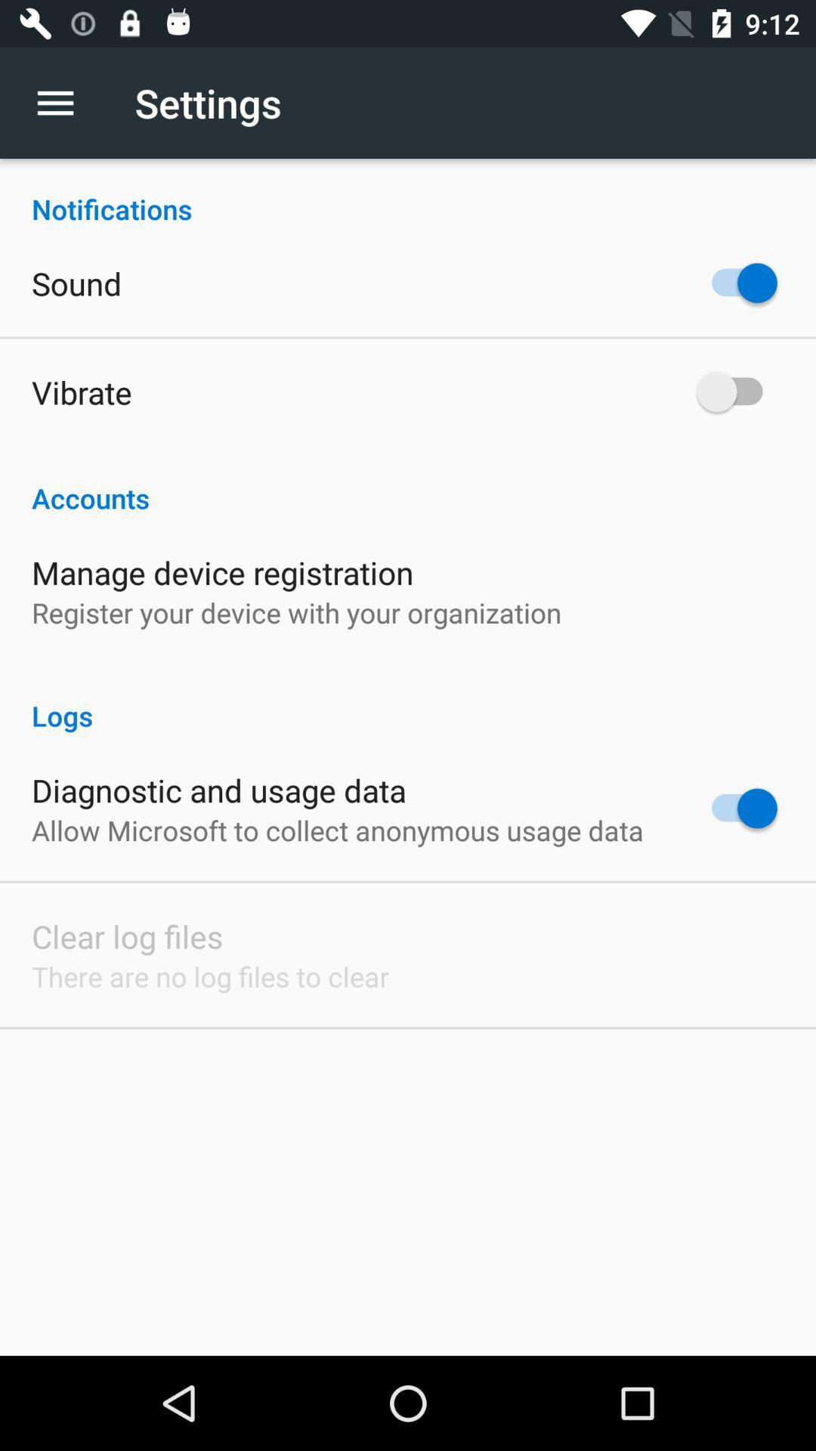 Image resolution: width=816 pixels, height=1451 pixels. Describe the element at coordinates (408, 481) in the screenshot. I see `the app above manage device registration icon` at that location.